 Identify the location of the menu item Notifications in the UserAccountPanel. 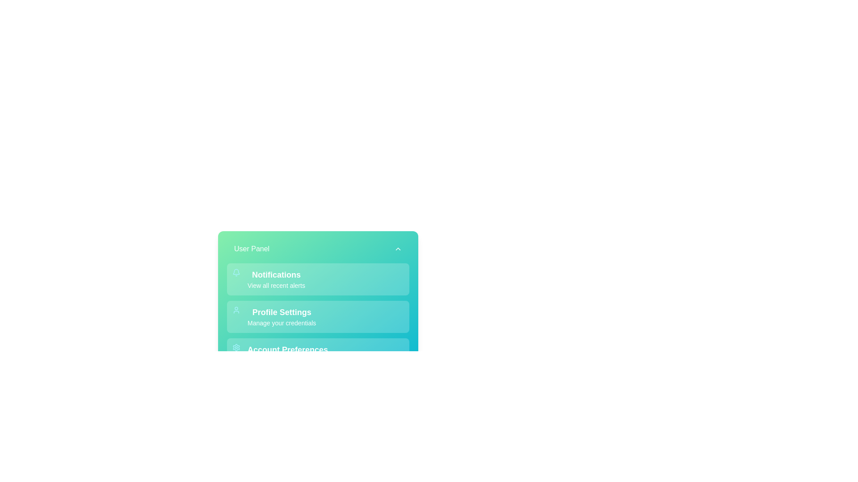
(318, 278).